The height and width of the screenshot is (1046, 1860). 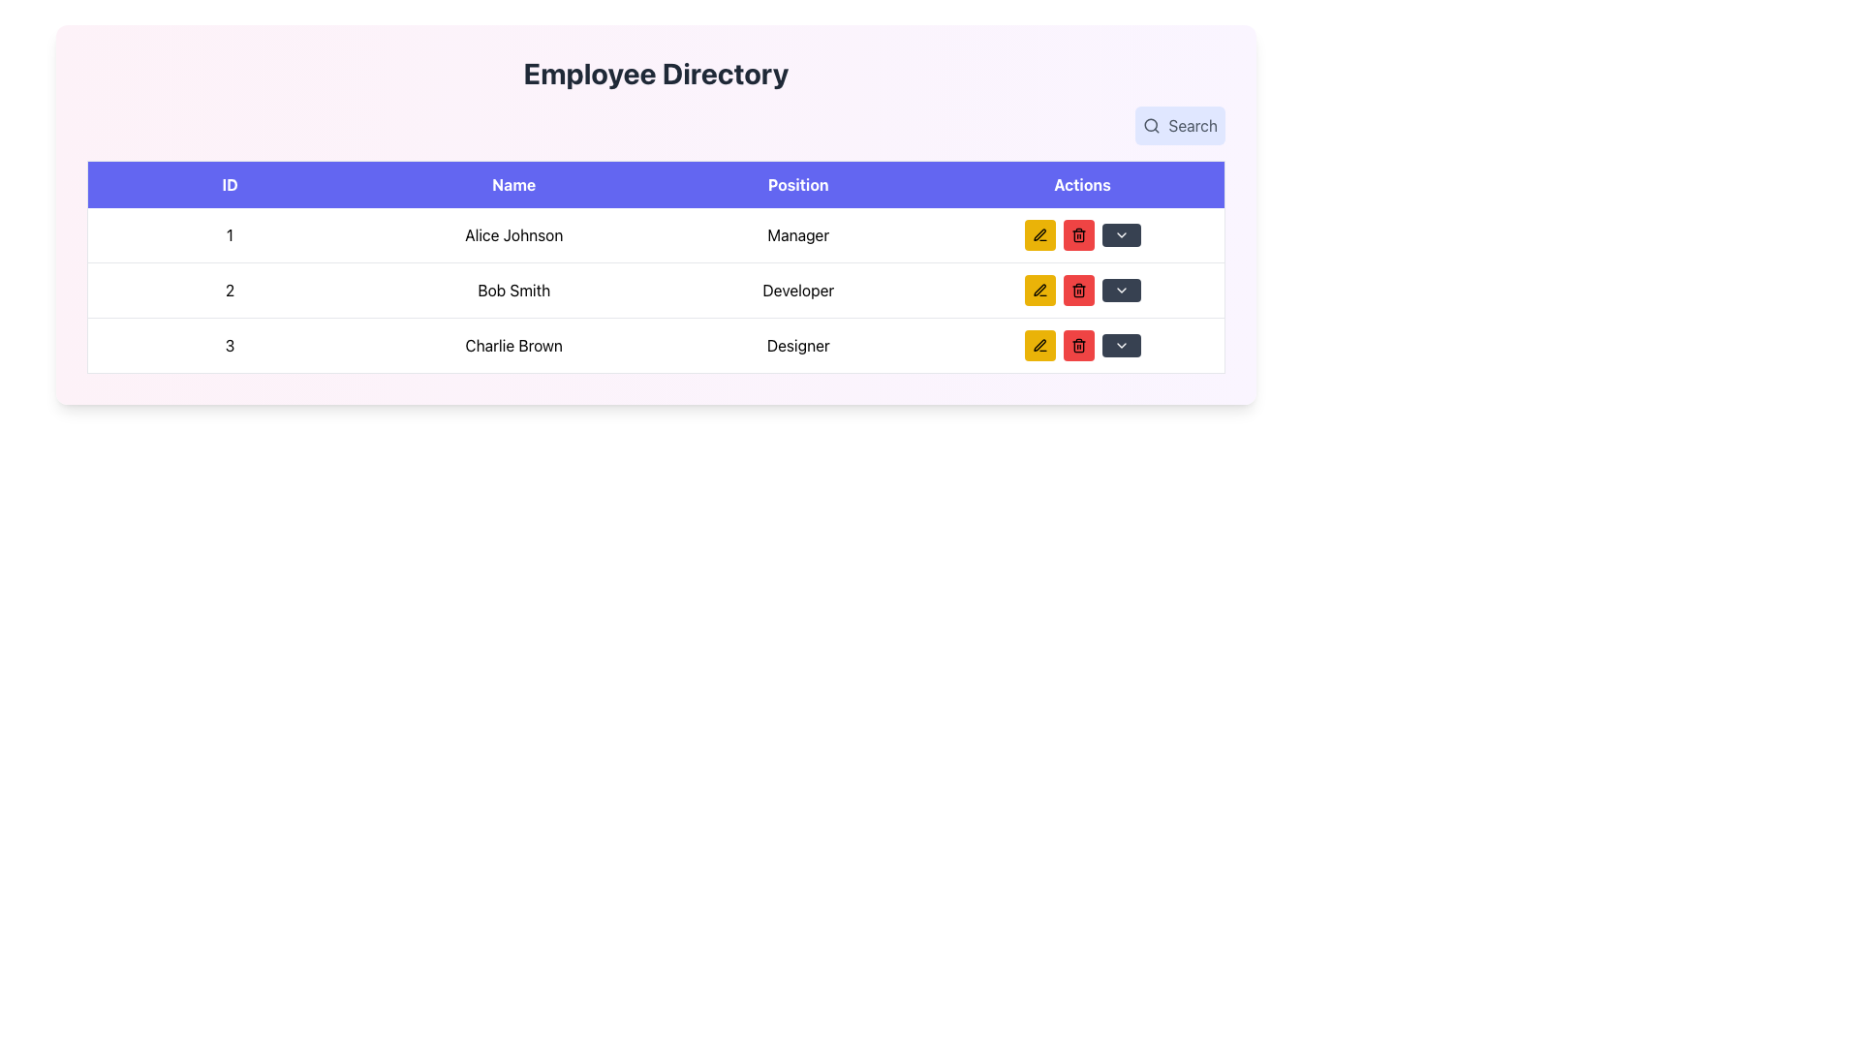 What do you see at coordinates (1038, 290) in the screenshot?
I see `the pen icon located inside the yellow square button in the Actions column of the second row of the employee directory table associated with Bob Smith` at bounding box center [1038, 290].